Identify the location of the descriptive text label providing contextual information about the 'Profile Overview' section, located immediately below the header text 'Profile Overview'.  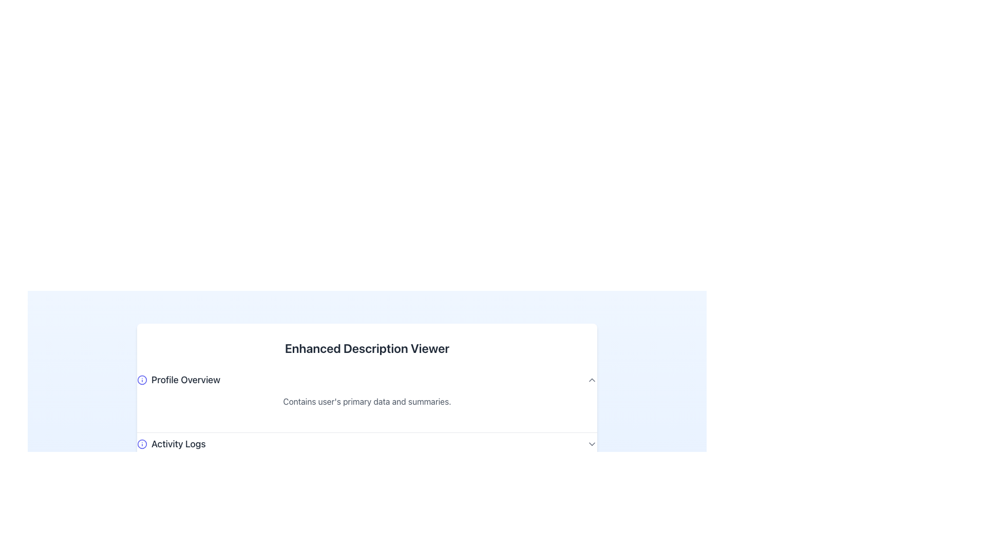
(367, 401).